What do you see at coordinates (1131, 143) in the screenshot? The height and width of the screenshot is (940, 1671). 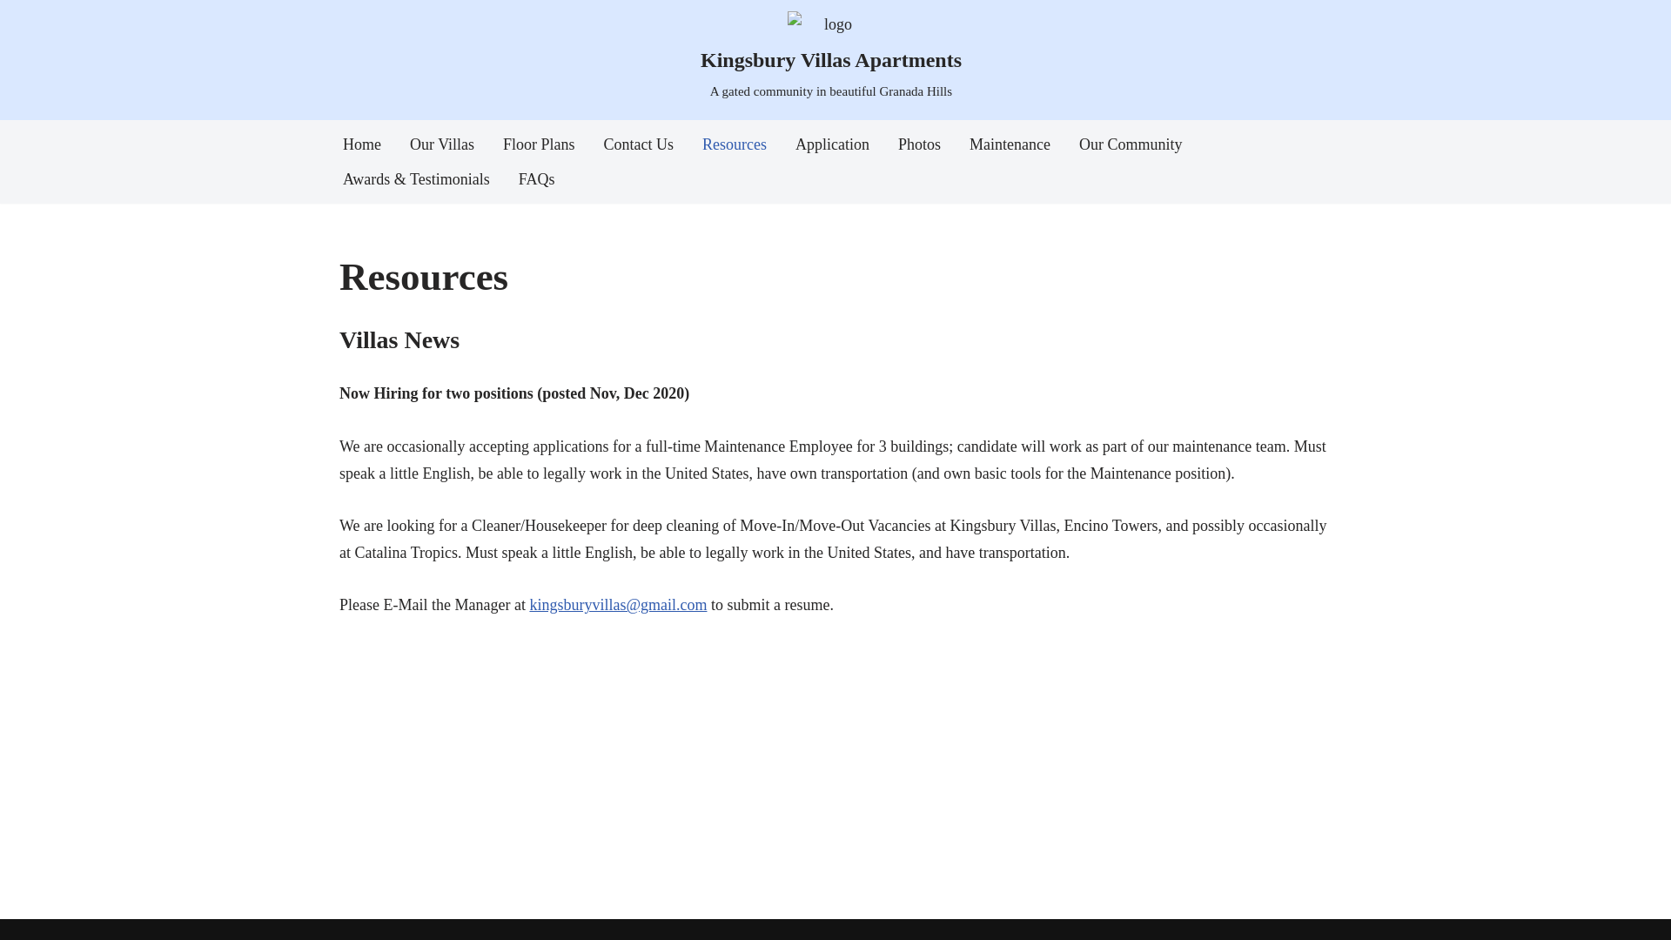 I see `'Our Community'` at bounding box center [1131, 143].